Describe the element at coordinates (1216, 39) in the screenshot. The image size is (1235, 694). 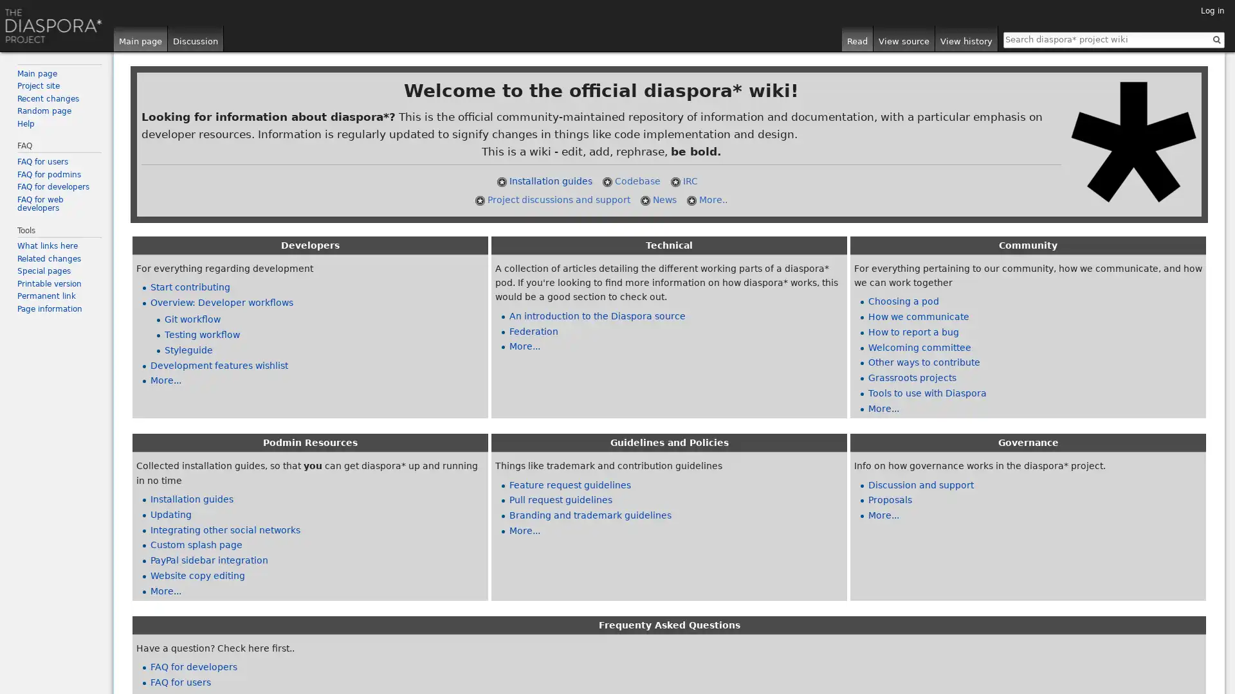
I see `Go` at that location.